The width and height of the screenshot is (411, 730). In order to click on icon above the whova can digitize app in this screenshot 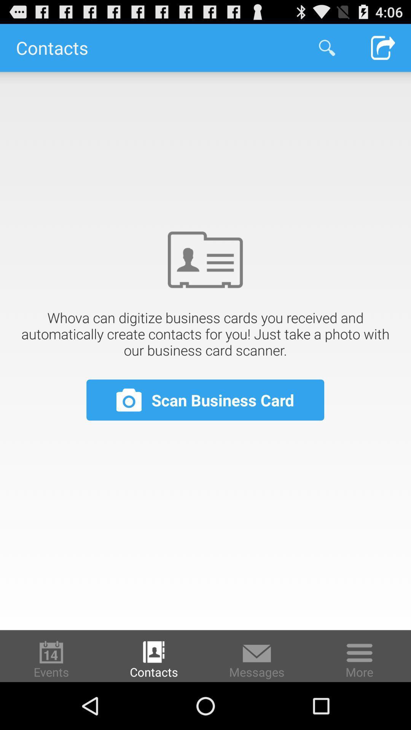, I will do `click(383, 47)`.